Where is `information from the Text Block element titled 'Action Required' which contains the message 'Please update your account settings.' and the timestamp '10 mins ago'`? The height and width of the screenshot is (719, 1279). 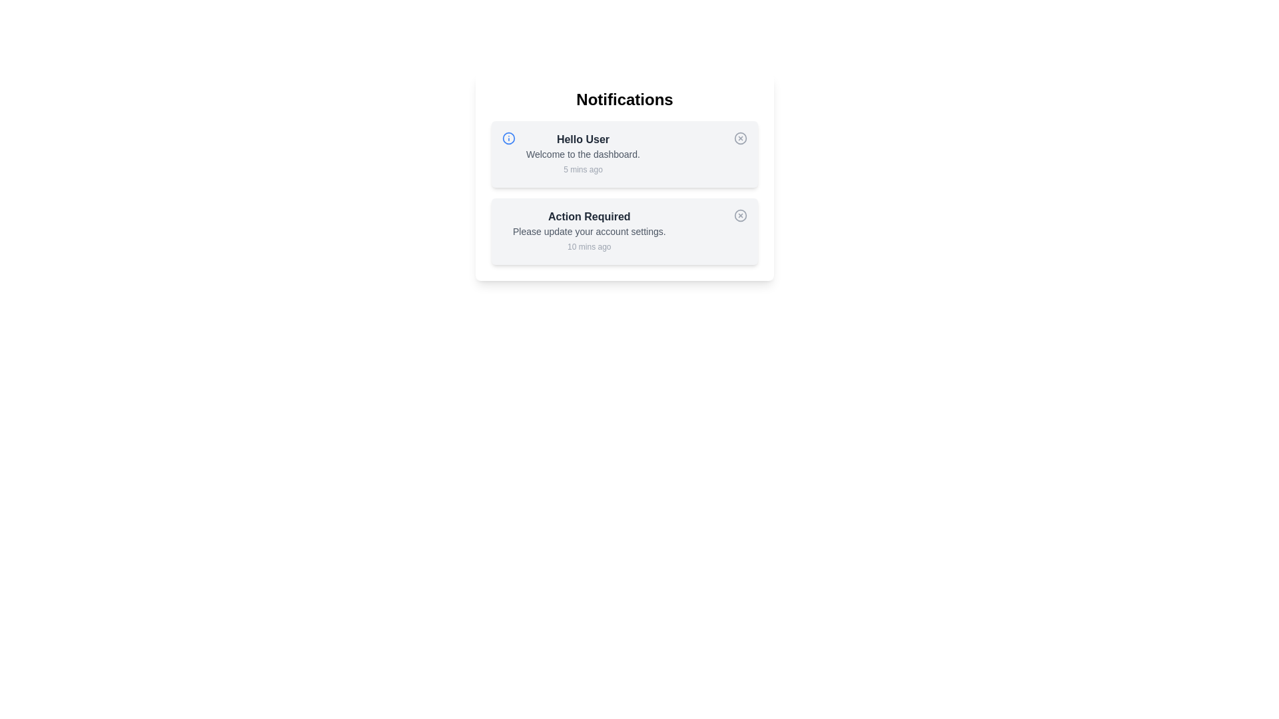 information from the Text Block element titled 'Action Required' which contains the message 'Please update your account settings.' and the timestamp '10 mins ago' is located at coordinates (588, 230).